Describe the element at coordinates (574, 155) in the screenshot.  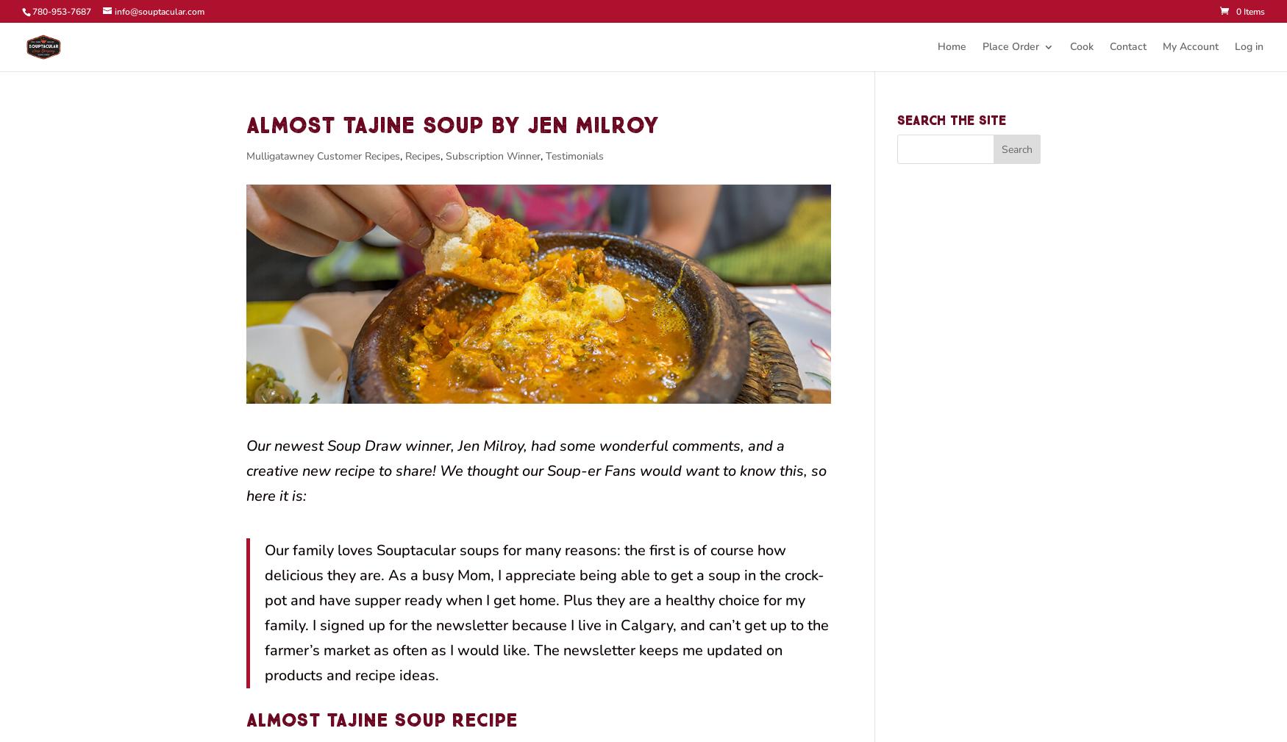
I see `'Testimonials'` at that location.